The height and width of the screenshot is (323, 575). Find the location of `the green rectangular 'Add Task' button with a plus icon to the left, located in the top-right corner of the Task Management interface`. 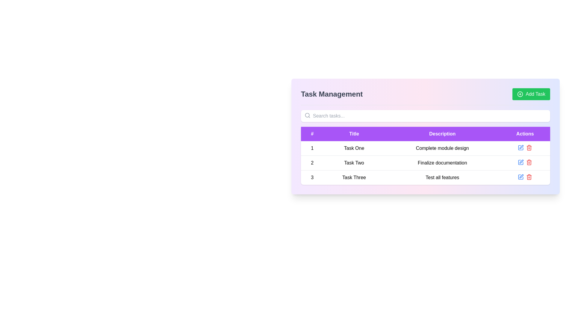

the green rectangular 'Add Task' button with a plus icon to the left, located in the top-right corner of the Task Management interface is located at coordinates (531, 94).